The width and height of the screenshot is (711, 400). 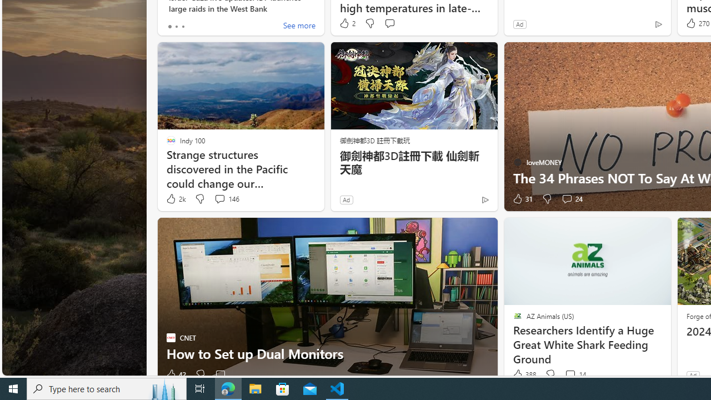 What do you see at coordinates (169, 26) in the screenshot?
I see `'tab-0'` at bounding box center [169, 26].